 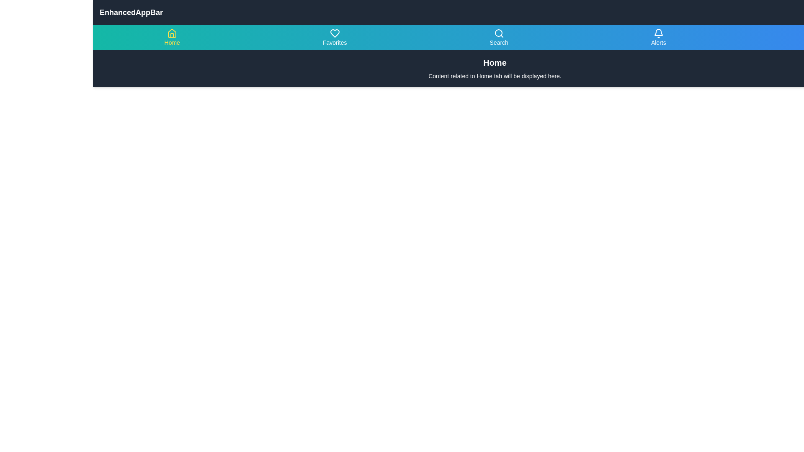 I want to click on the Favorites tab, so click(x=334, y=37).